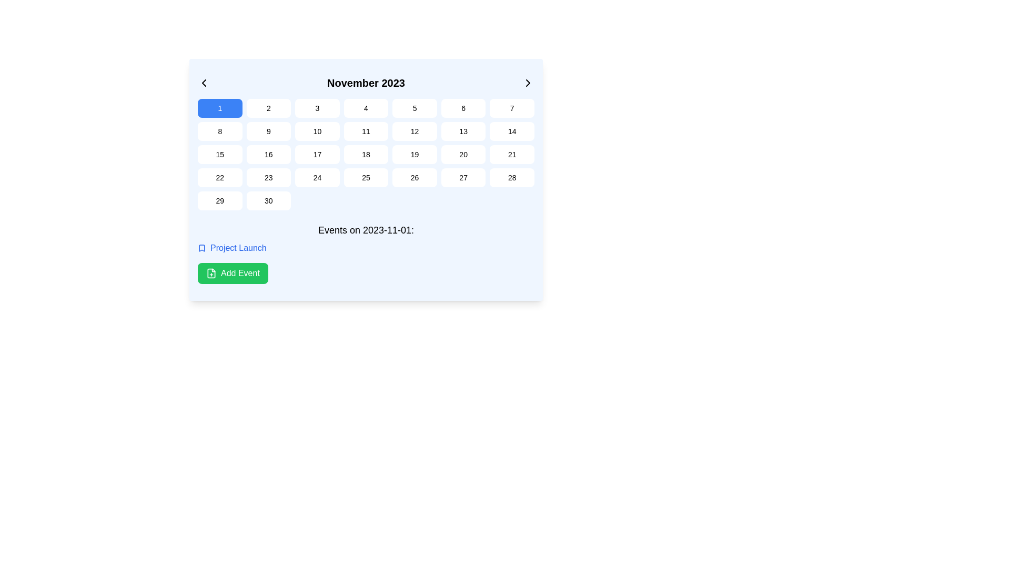 The image size is (1010, 568). I want to click on the chevron-shaped icon, which is a rightward-pointing arrow located in the top-right corner of the calendar interface, next to the header displaying the current month and year, so click(528, 83).